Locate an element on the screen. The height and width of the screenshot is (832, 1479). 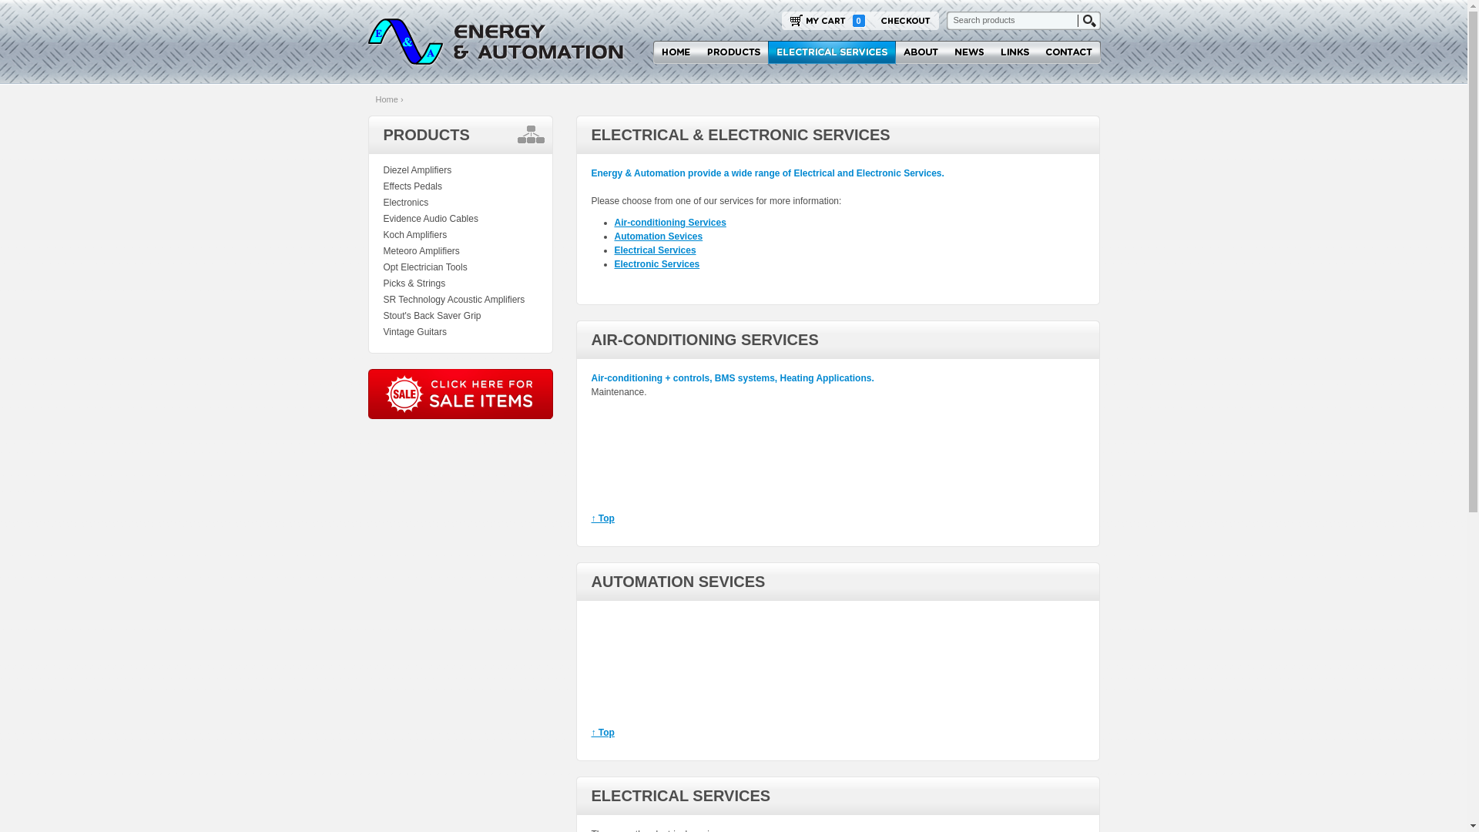
'SR Technology Acoustic Amplifiers' is located at coordinates (453, 300).